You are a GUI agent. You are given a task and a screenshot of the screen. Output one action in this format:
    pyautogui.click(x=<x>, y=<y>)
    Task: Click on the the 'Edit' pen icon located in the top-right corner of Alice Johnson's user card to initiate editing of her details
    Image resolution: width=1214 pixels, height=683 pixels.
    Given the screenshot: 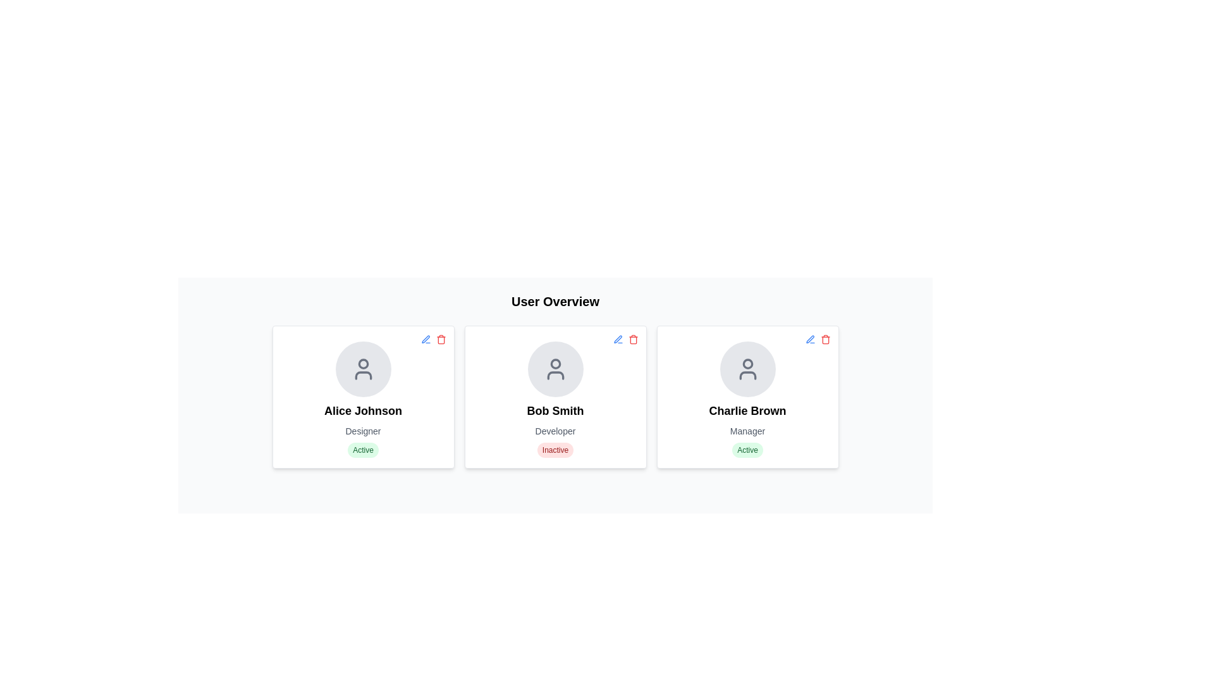 What is the action you would take?
    pyautogui.click(x=426, y=338)
    